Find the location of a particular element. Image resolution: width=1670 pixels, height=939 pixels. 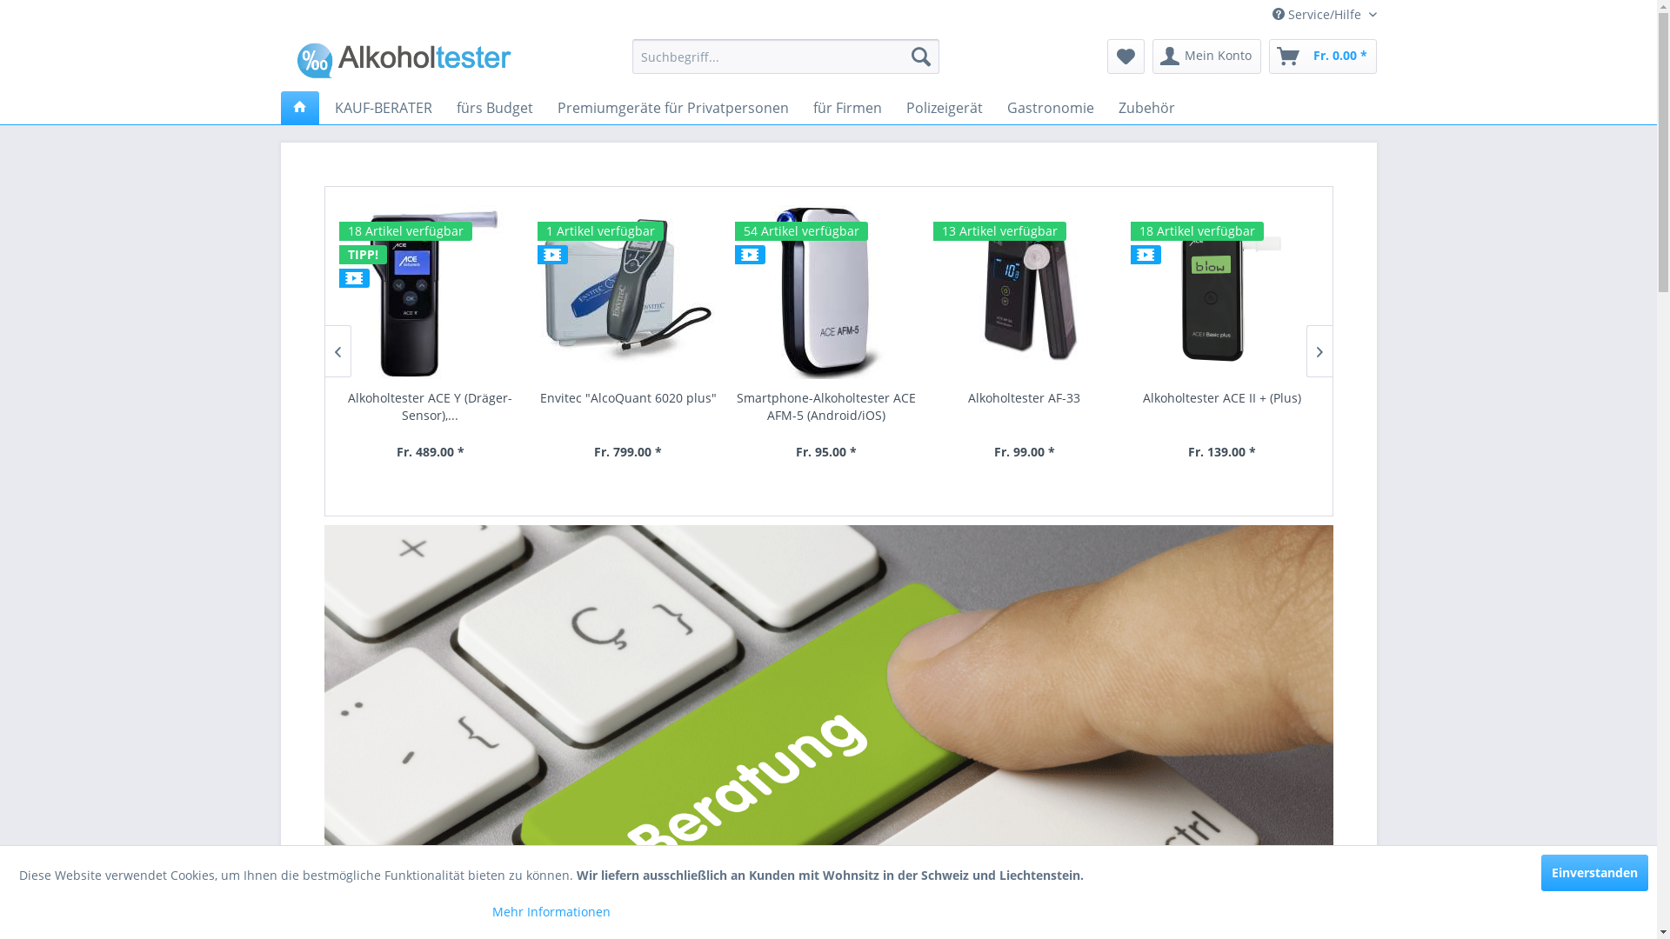

'Alkoholtester-Shop - zur Startseite wechseln' is located at coordinates (404, 59).